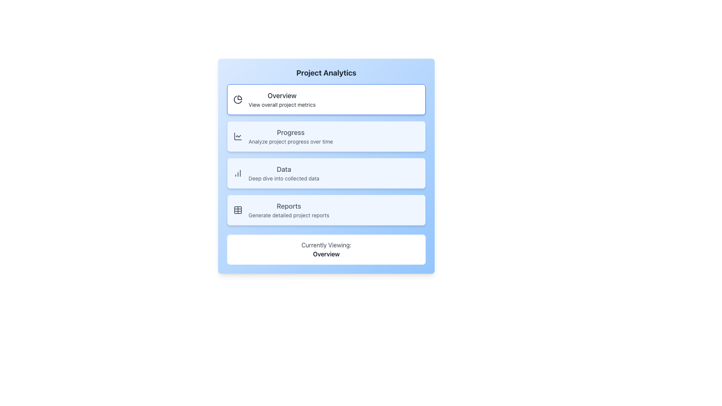  What do you see at coordinates (326, 249) in the screenshot?
I see `the Informational indicator, which is a rectangular box with a white background, rounded corners, and contains the text 'Currently Viewing:' in light gray and 'Overview' in bold dark font, located at the bottom of the 'Project Analytics' section beneath 'Reports'` at bounding box center [326, 249].